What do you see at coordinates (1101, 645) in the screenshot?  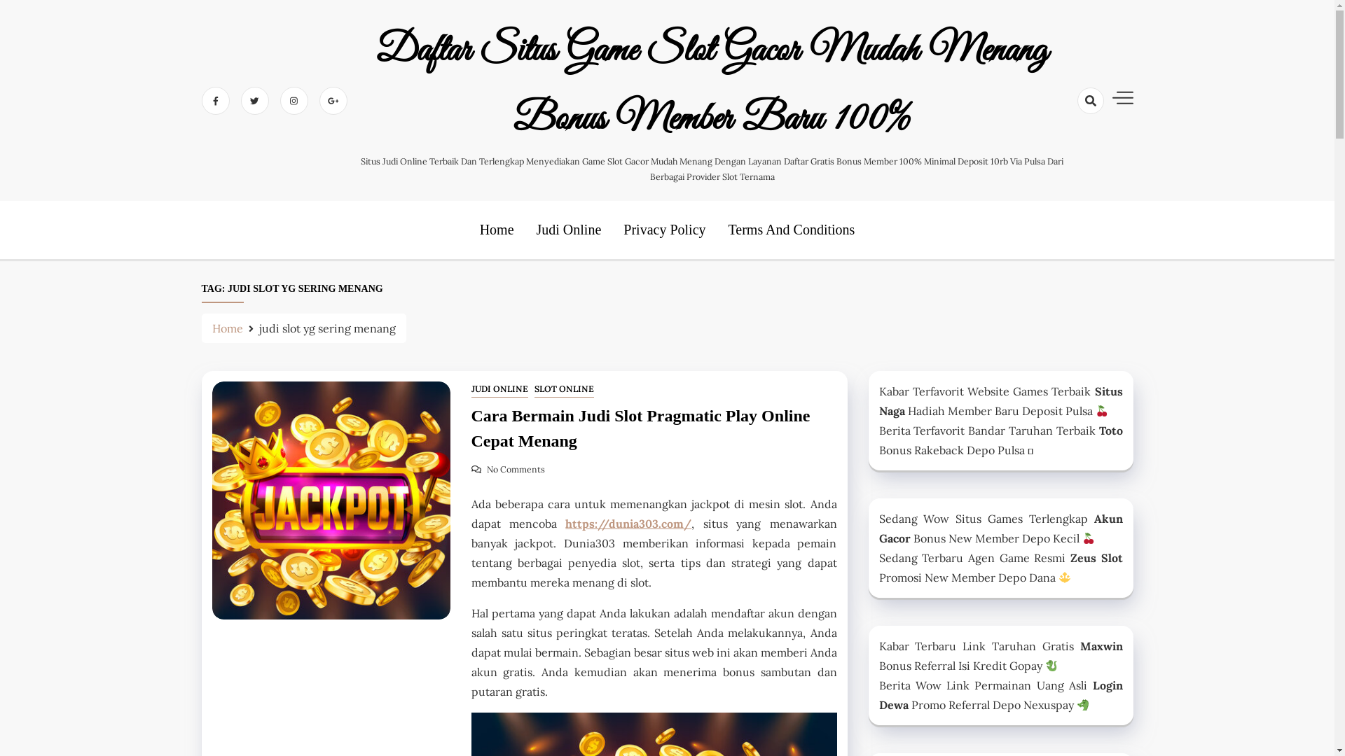 I see `'Maxwin'` at bounding box center [1101, 645].